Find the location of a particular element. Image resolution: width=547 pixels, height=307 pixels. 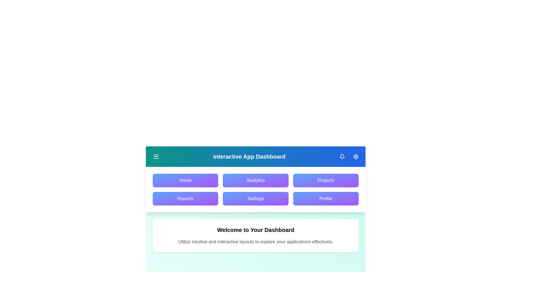

the navigation menu item Home is located at coordinates (185, 181).